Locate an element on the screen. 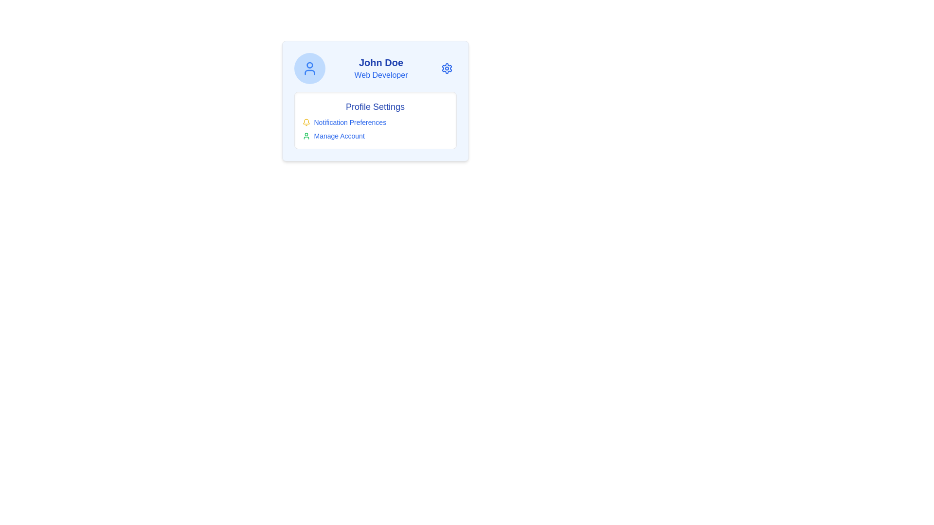 Image resolution: width=934 pixels, height=525 pixels. the lower part of the user profile icon, which resembles a semicircular curve with a horizontal line, located at the center top section of the main card interface is located at coordinates (309, 72).